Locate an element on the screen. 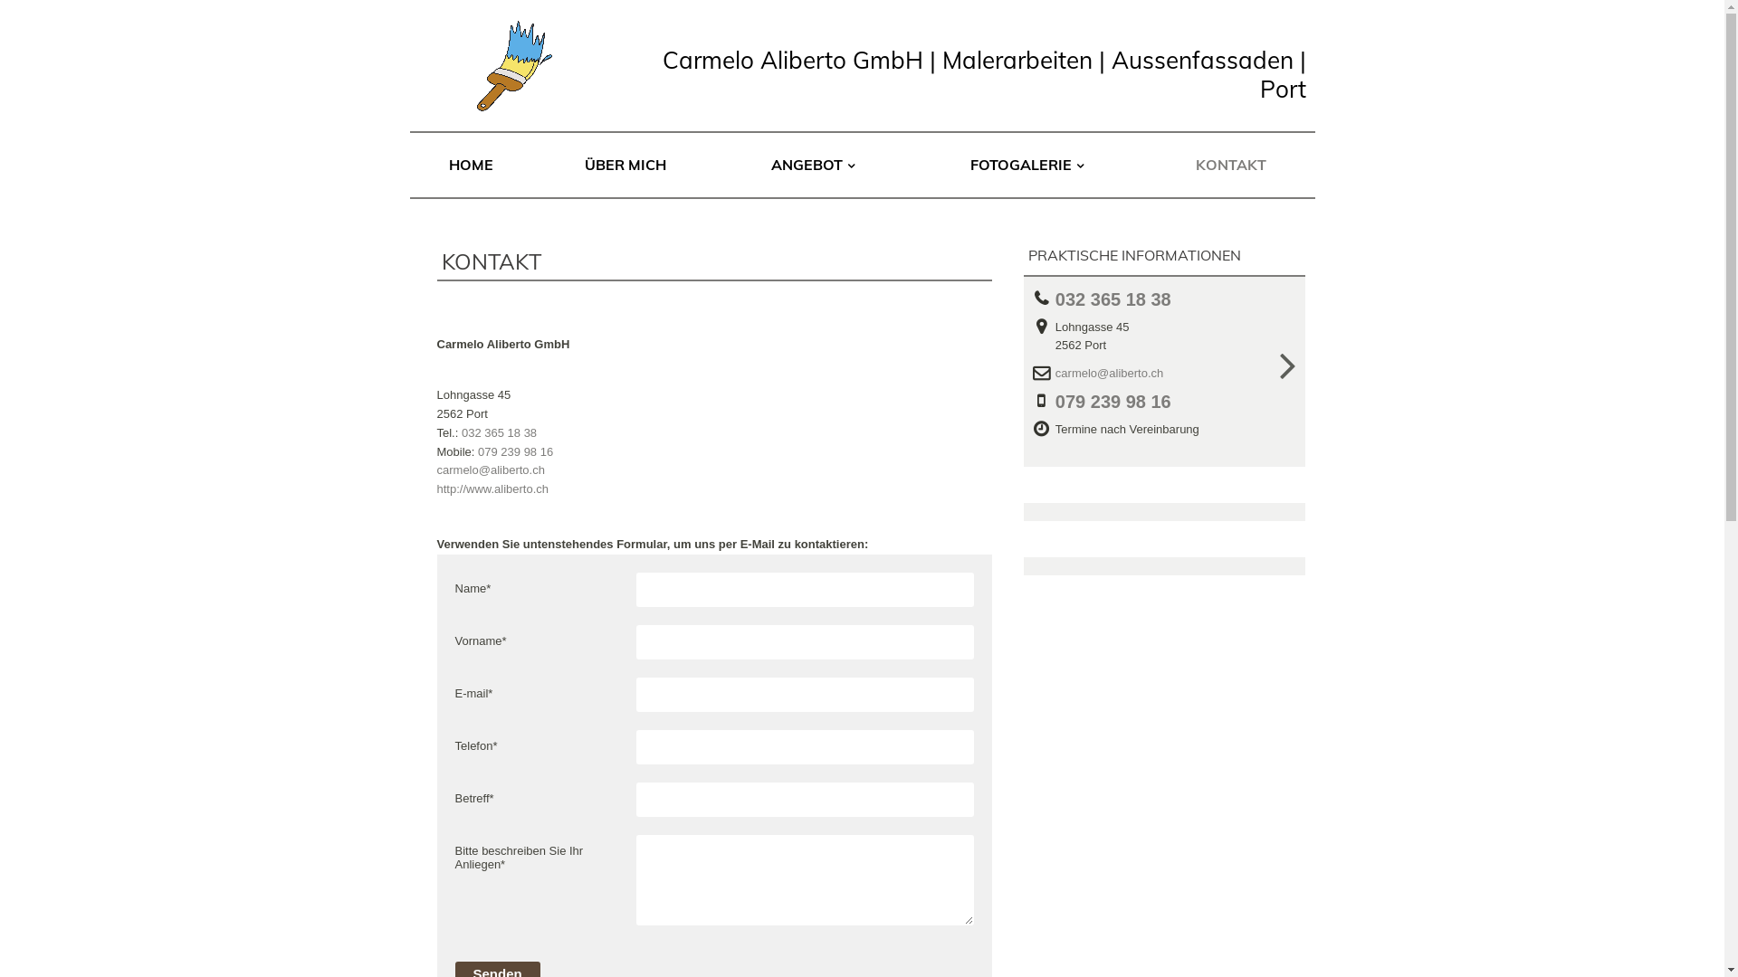 The height and width of the screenshot is (977, 1738). 'http://www.aliberto.ch' is located at coordinates (492, 488).